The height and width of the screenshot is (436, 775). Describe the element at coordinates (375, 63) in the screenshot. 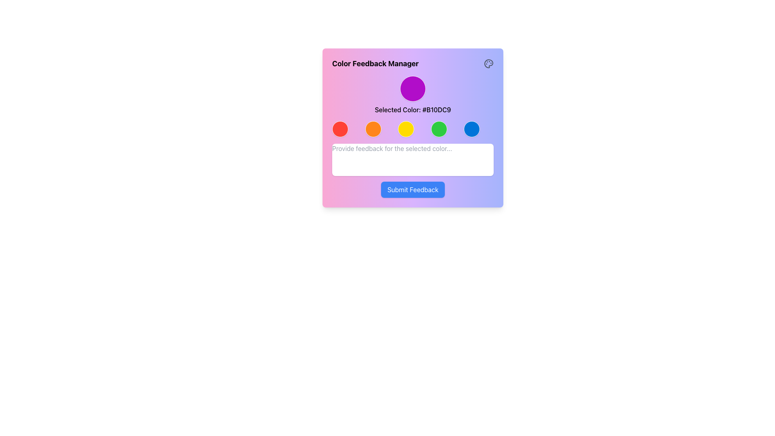

I see `the Text Label that serves as the heading for the interface, indicating the purpose of the dialog for managing color feedback` at that location.